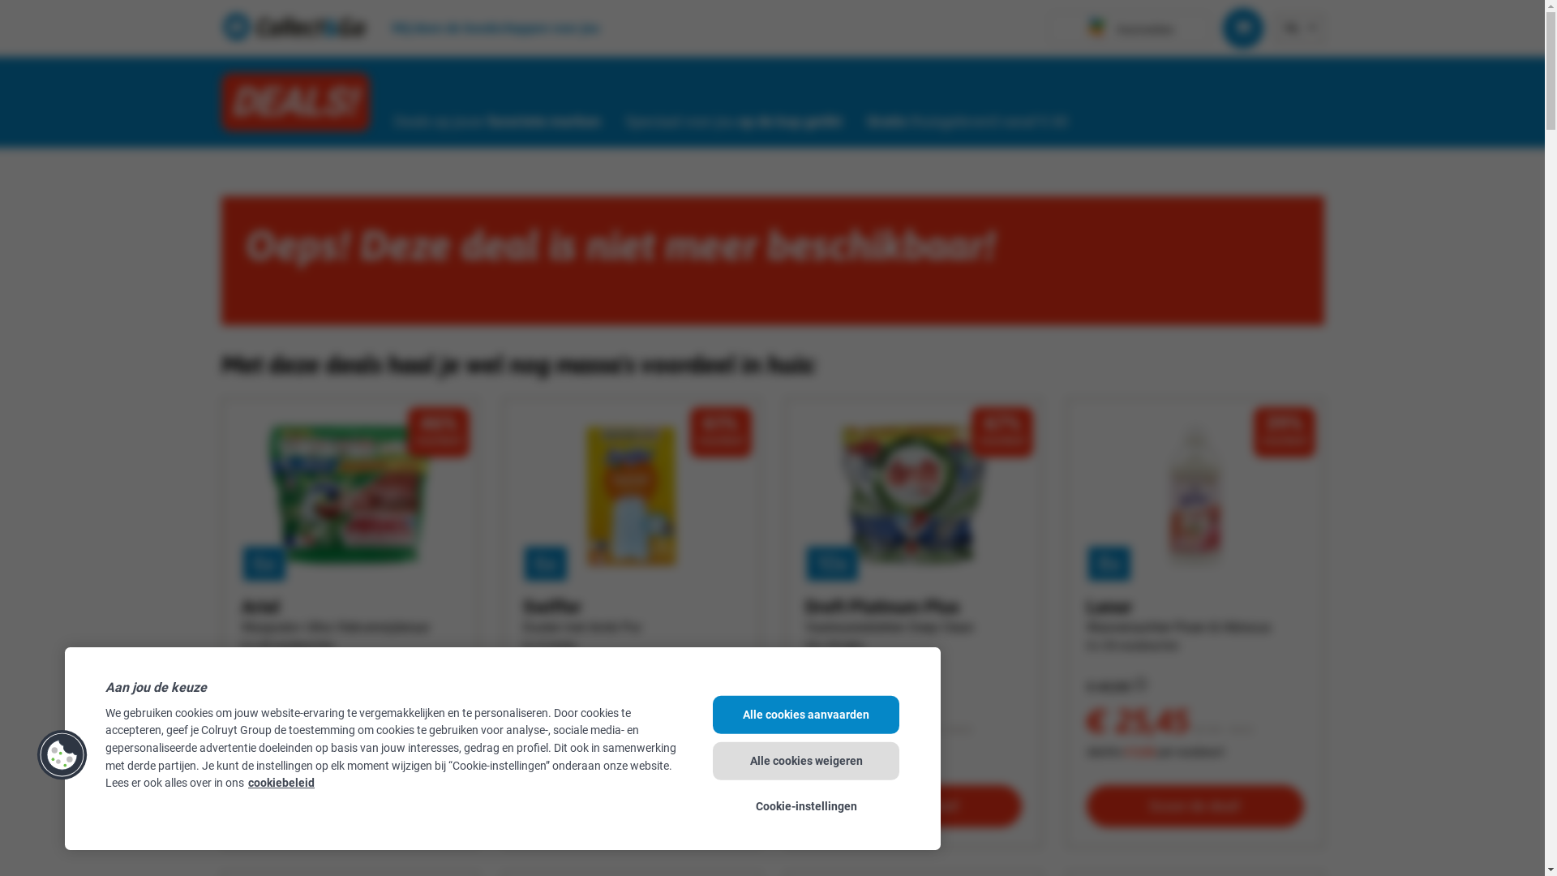  I want to click on 'Cookie-instellingen', so click(805, 806).